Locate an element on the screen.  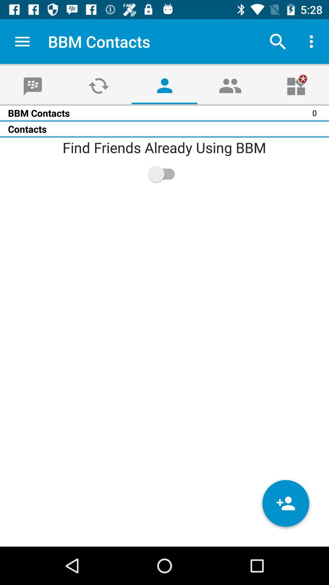
the gift icon is located at coordinates (296, 85).